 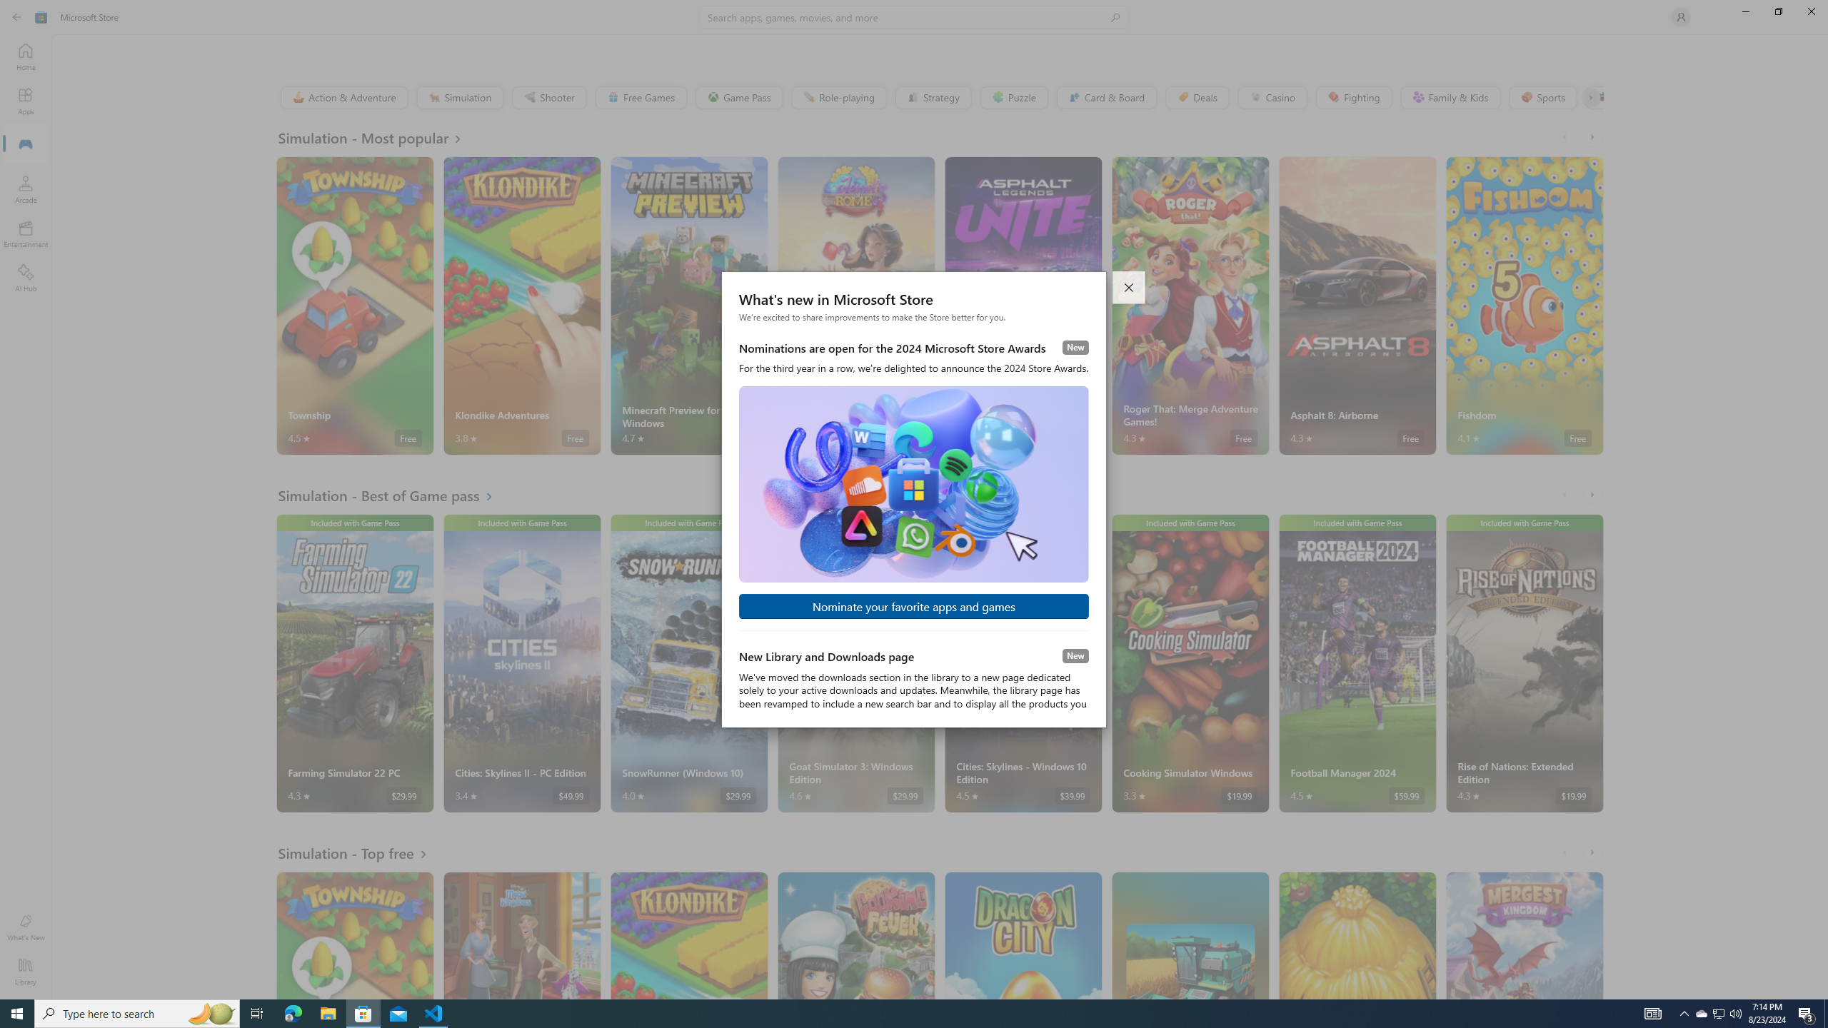 What do you see at coordinates (914, 16) in the screenshot?
I see `'Search'` at bounding box center [914, 16].